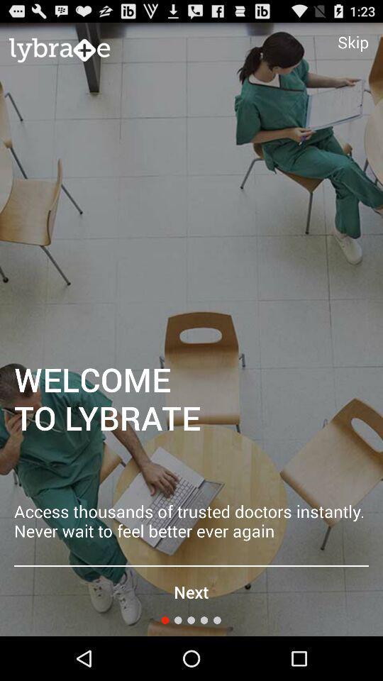 This screenshot has width=383, height=681. What do you see at coordinates (353, 41) in the screenshot?
I see `item above welcome` at bounding box center [353, 41].